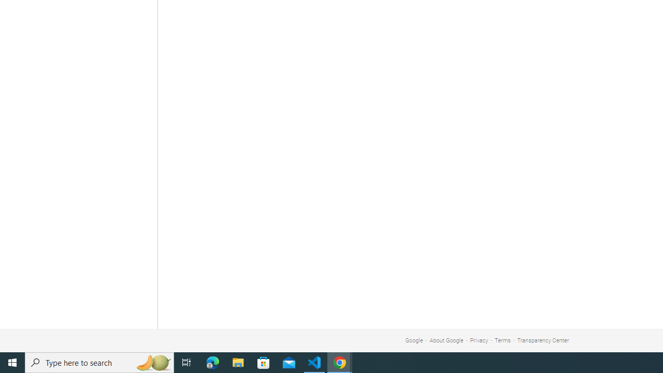 Image resolution: width=663 pixels, height=373 pixels. Describe the element at coordinates (446, 340) in the screenshot. I see `'About Google'` at that location.